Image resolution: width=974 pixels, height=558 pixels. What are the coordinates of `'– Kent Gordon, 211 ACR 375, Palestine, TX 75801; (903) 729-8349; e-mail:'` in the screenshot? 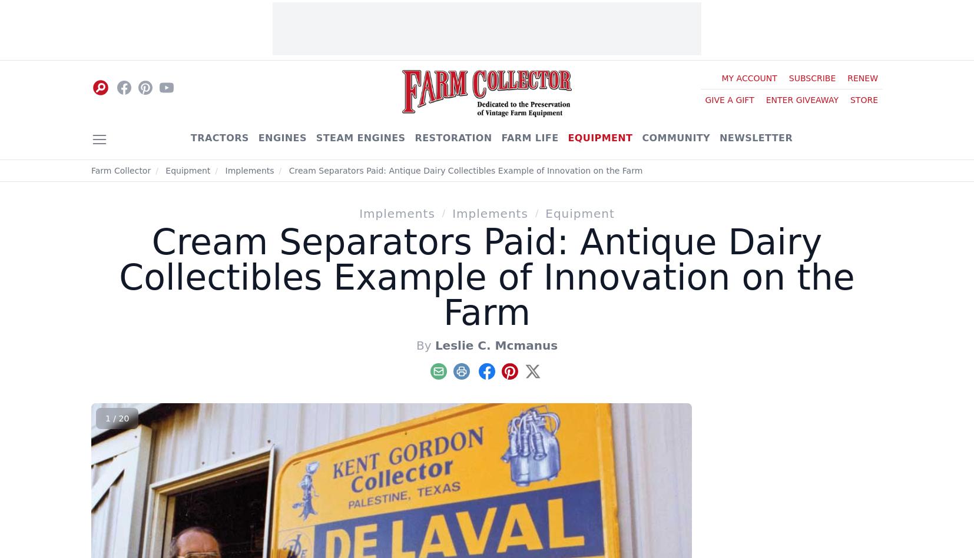 It's located at (361, 218).